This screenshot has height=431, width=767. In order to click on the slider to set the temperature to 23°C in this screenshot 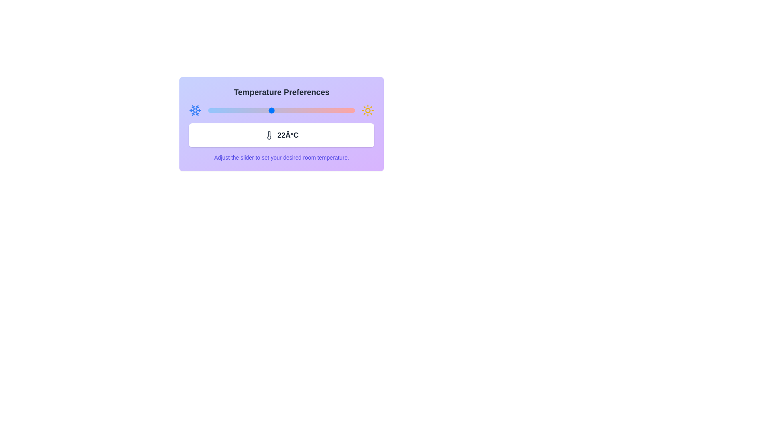, I will do `click(282, 111)`.